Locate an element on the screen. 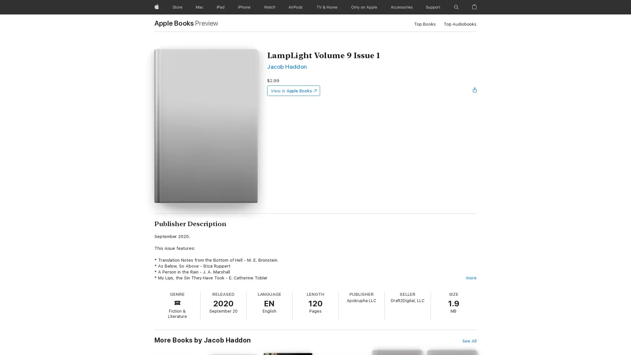  View in Apple Books is located at coordinates (293, 91).